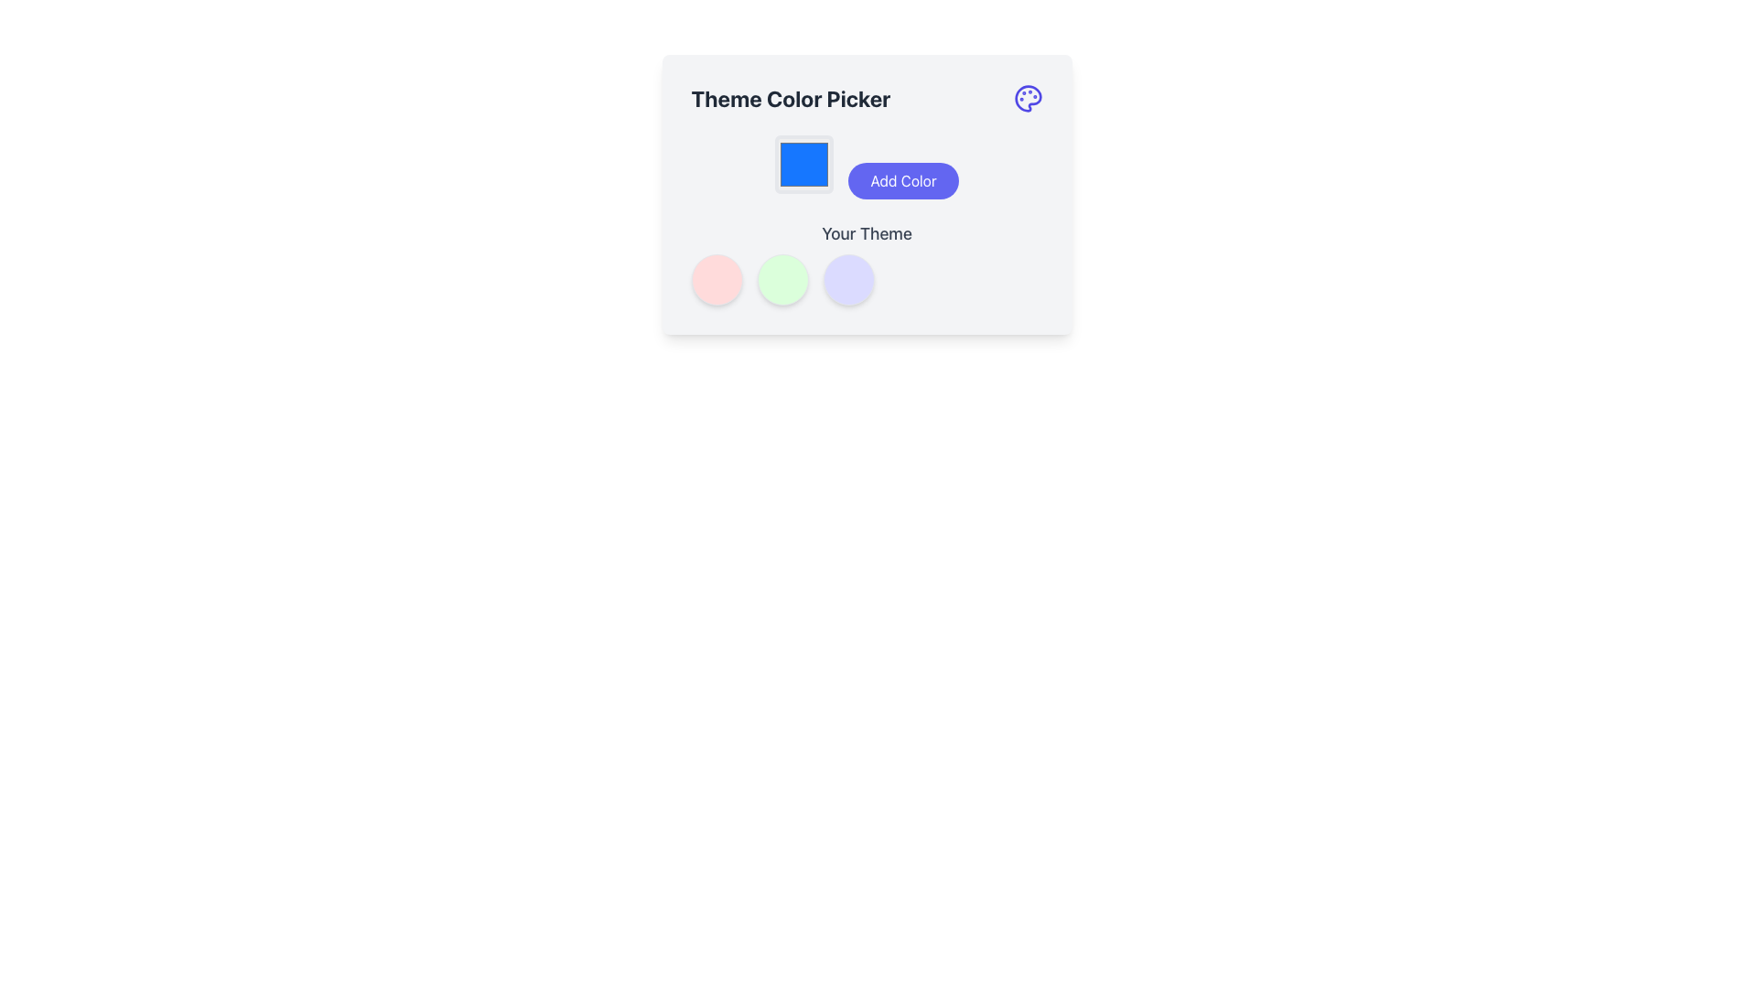 This screenshot has height=988, width=1757. Describe the element at coordinates (866, 263) in the screenshot. I see `the middle circle of the color selection options in the Theme Color Picker` at that location.